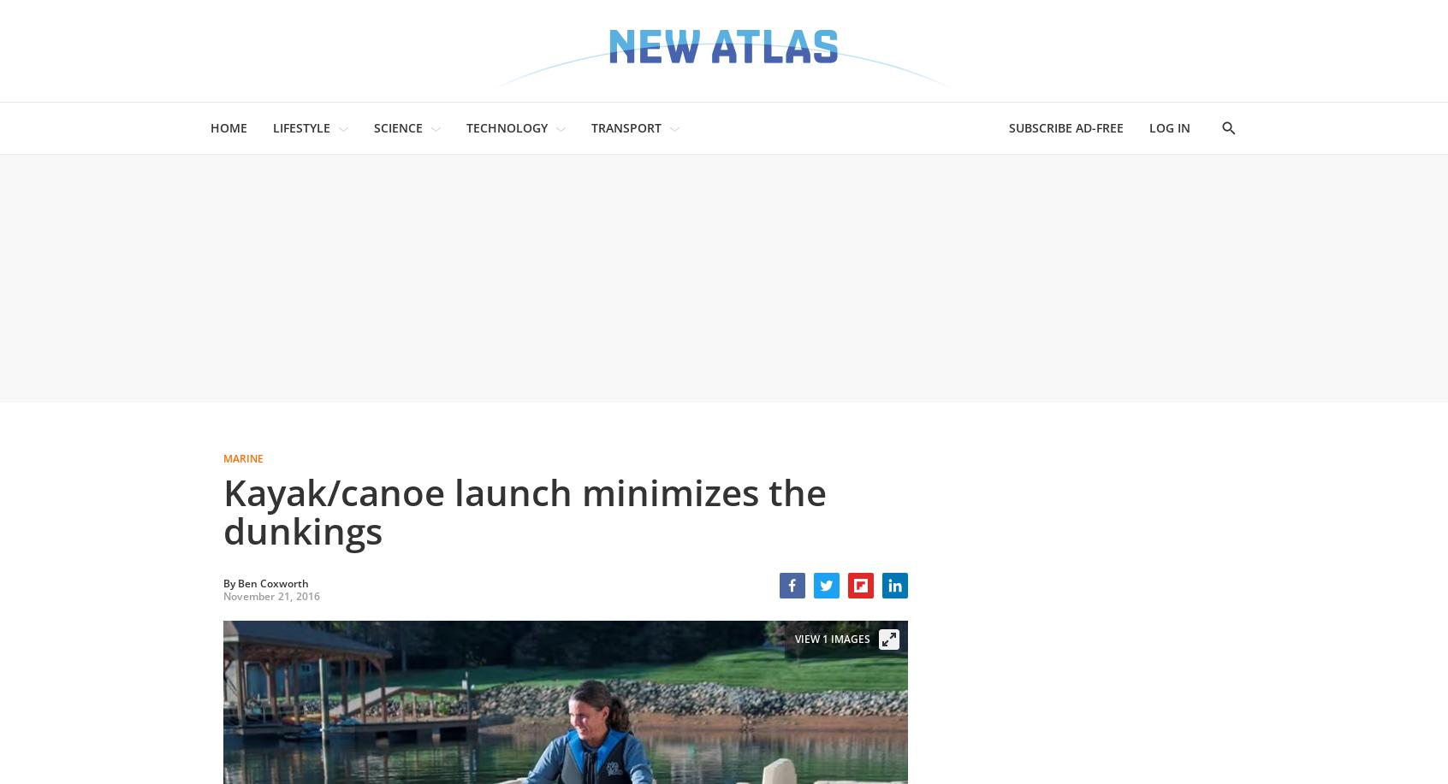 The width and height of the screenshot is (1448, 784). Describe the element at coordinates (524, 510) in the screenshot. I see `'Kayak/canoe launch minimizes the dunkings'` at that location.